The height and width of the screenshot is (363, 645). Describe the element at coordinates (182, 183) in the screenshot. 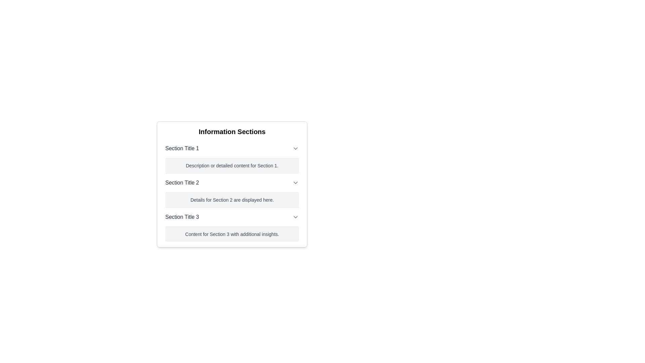

I see `text label that serves as the title for the second section in the 'Information Sections' list, which is left-aligned and located at the coordinates provided` at that location.